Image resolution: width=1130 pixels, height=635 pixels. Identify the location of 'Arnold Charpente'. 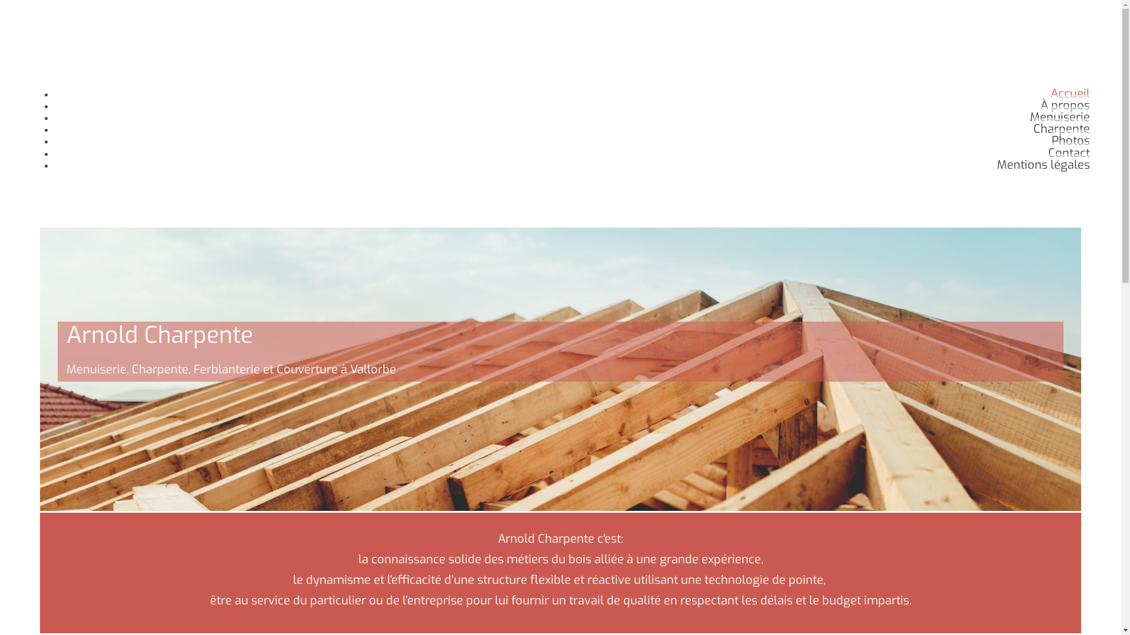
(75, 70).